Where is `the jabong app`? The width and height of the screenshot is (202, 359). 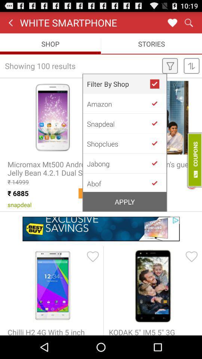
the jabong app is located at coordinates (118, 163).